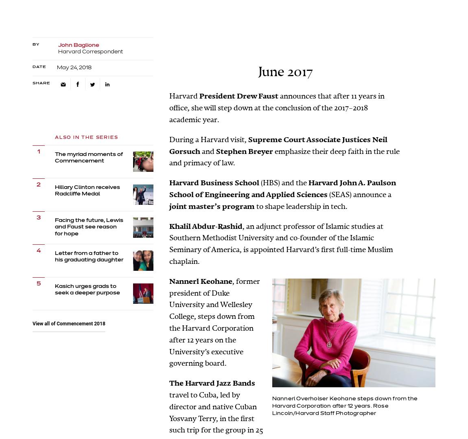 The height and width of the screenshot is (439, 468). I want to click on 'June 2017', so click(284, 71).